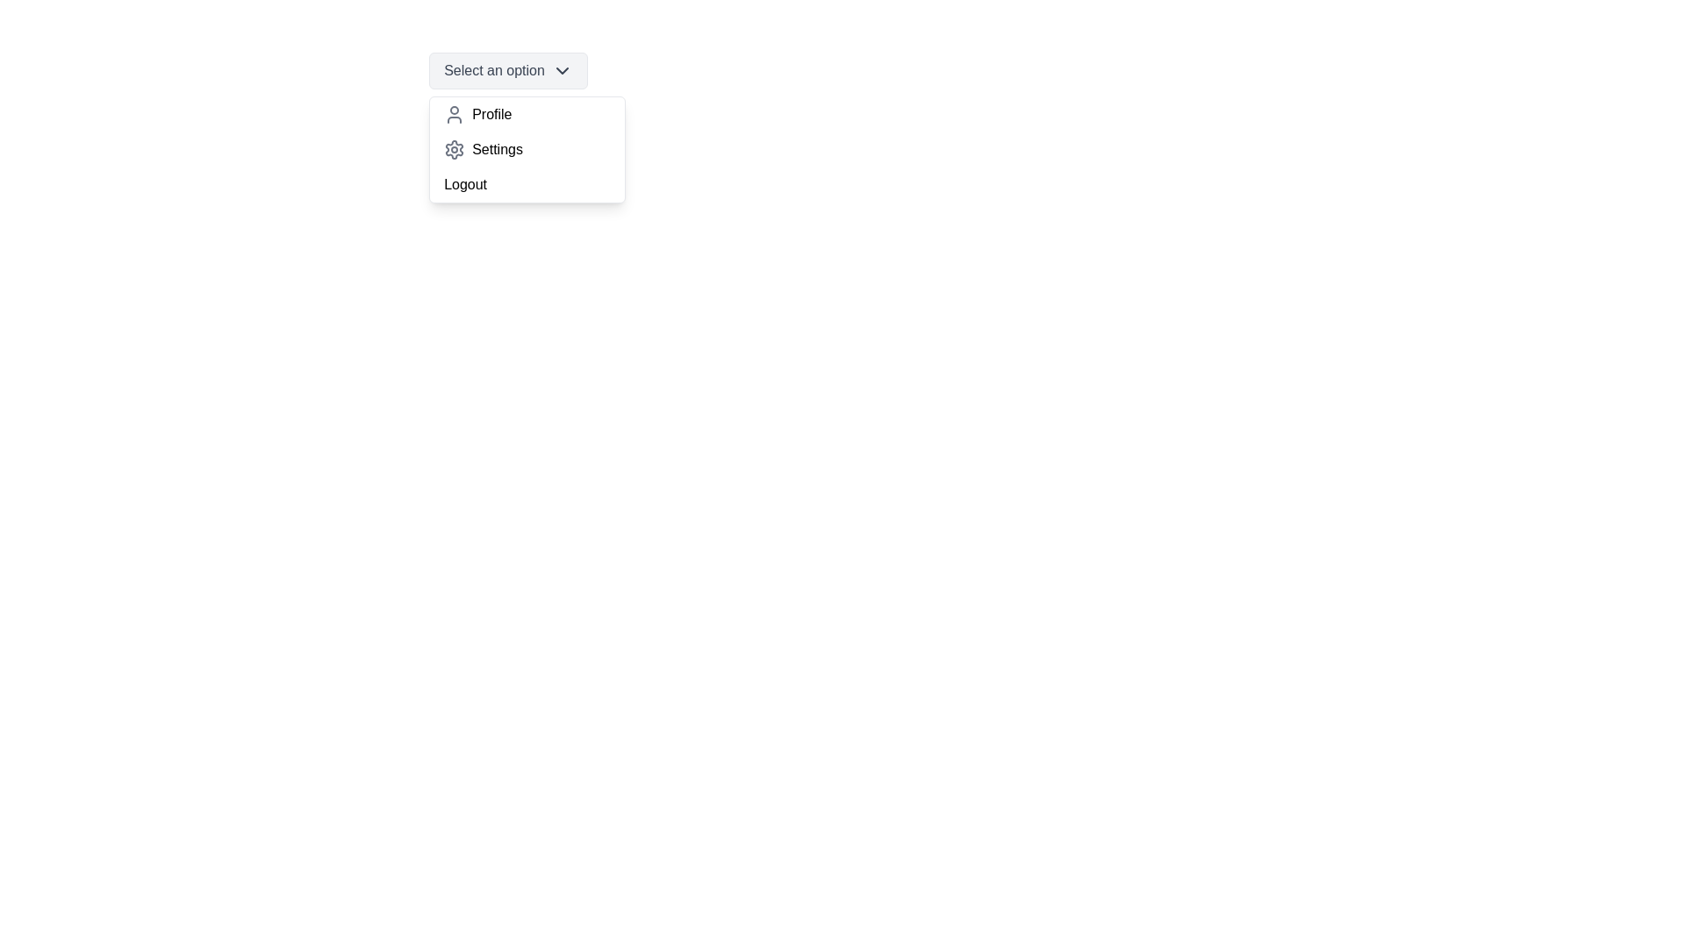 The image size is (1685, 947). What do you see at coordinates (455, 148) in the screenshot?
I see `the icon of the option Settings in the dropdown menu` at bounding box center [455, 148].